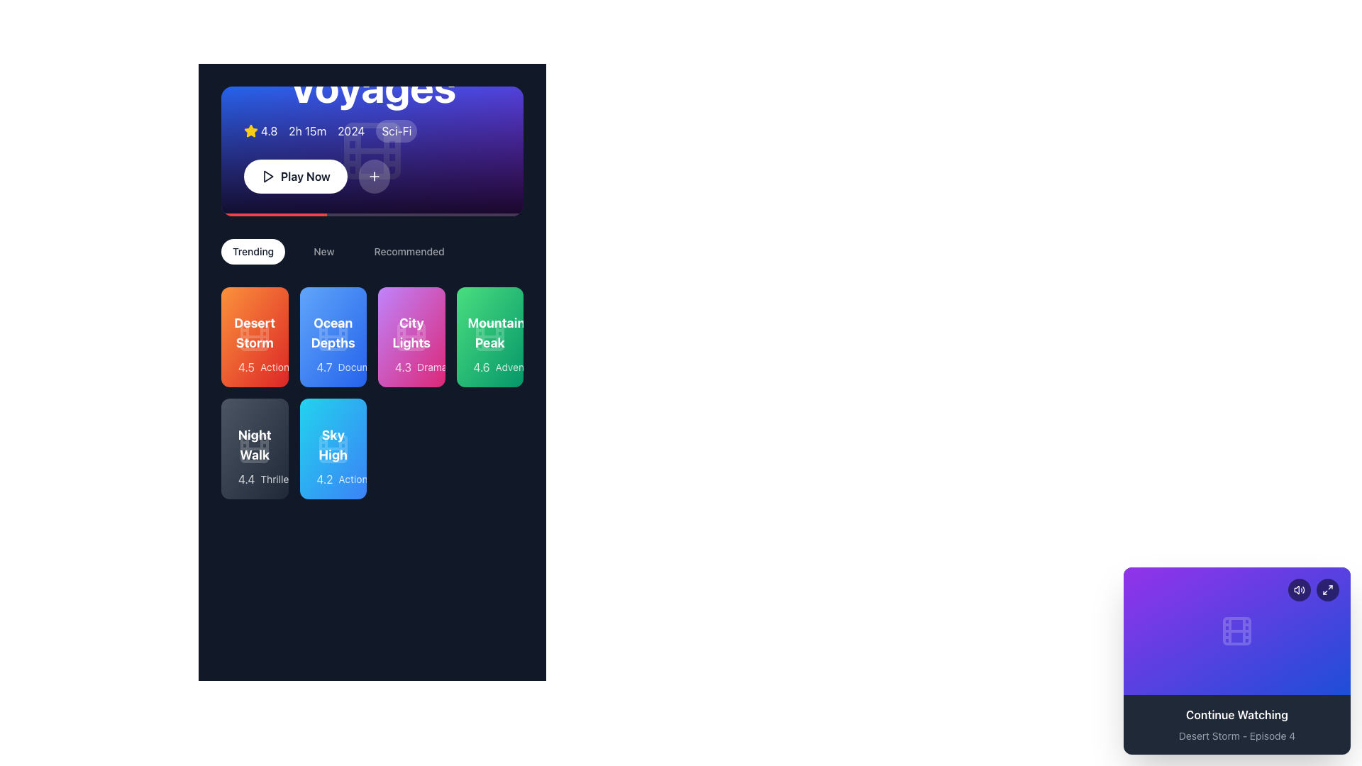 Image resolution: width=1362 pixels, height=766 pixels. What do you see at coordinates (482, 367) in the screenshot?
I see `rating value displayed in the text associated with the 'Mountain Peak' item, which is located within a green card on the second row and third column of the grid layout, next to a yellow star icon and the text 'Adventure'` at bounding box center [482, 367].